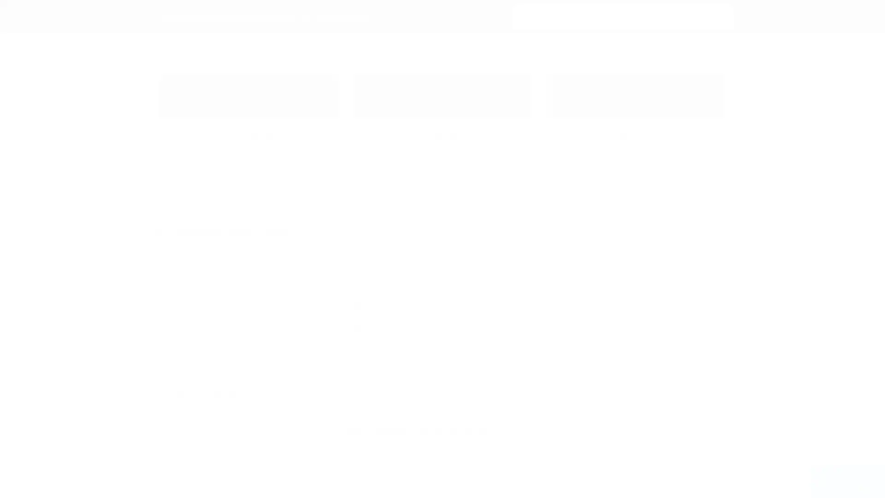 The height and width of the screenshot is (498, 885). Describe the element at coordinates (230, 432) in the screenshot. I see `Connect` at that location.